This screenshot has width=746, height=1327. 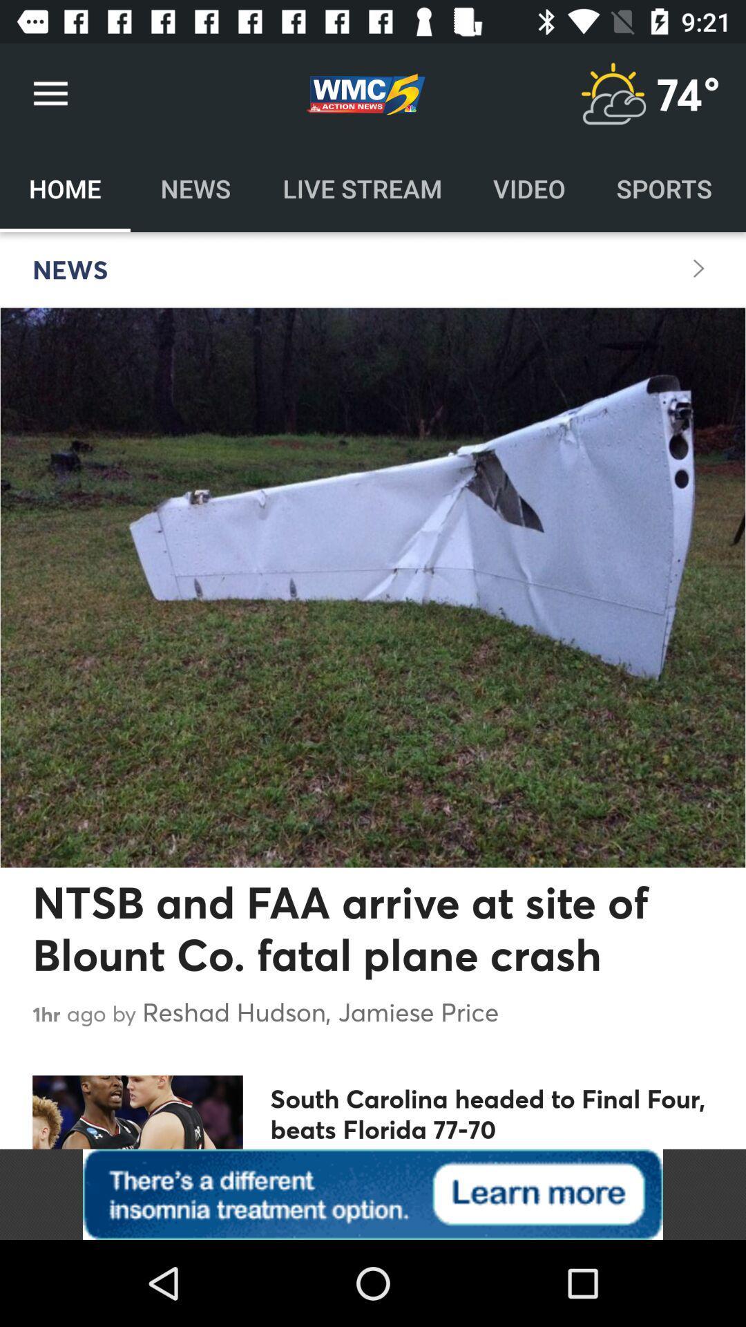 What do you see at coordinates (373, 1194) in the screenshot?
I see `click on advertisement` at bounding box center [373, 1194].